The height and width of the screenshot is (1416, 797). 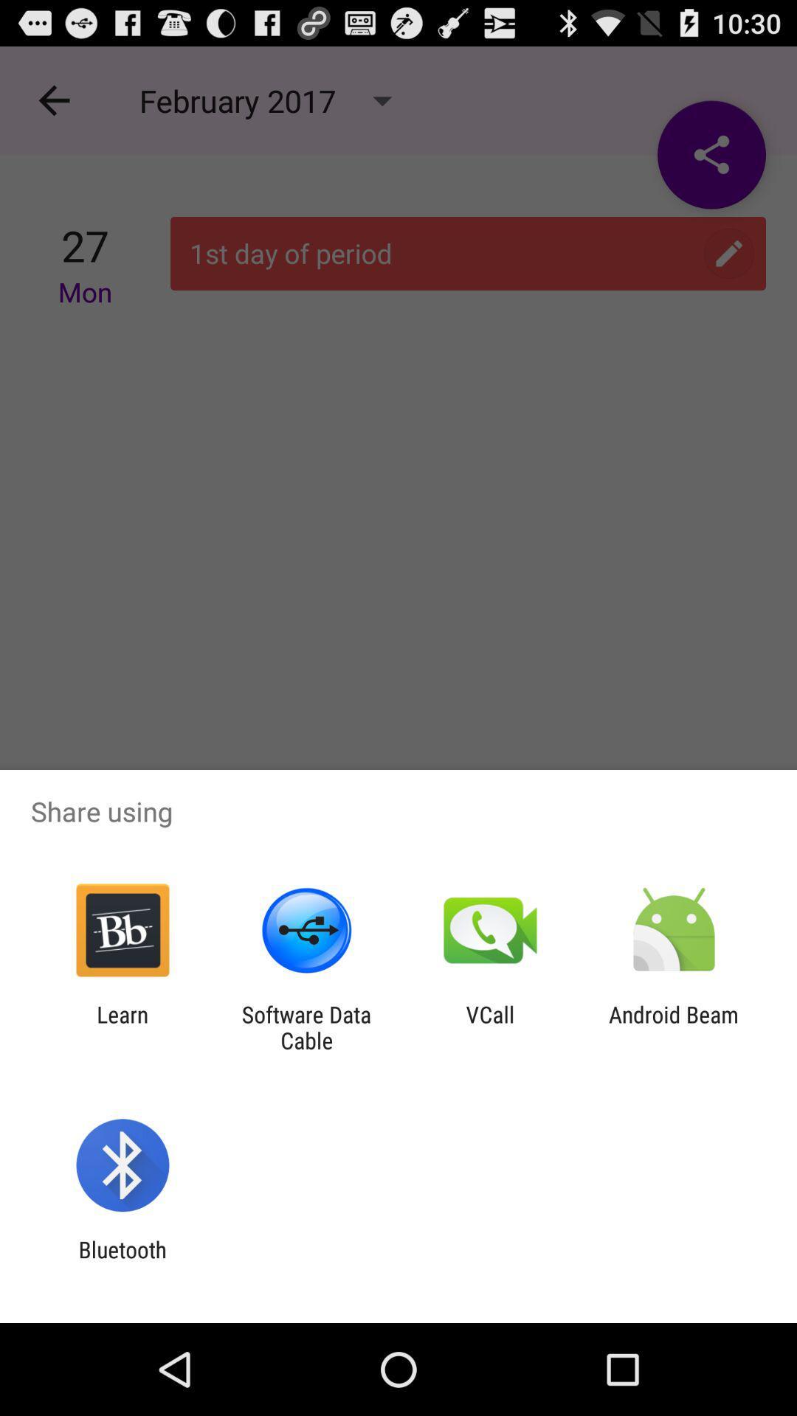 What do you see at coordinates (674, 1027) in the screenshot?
I see `item at the bottom right corner` at bounding box center [674, 1027].